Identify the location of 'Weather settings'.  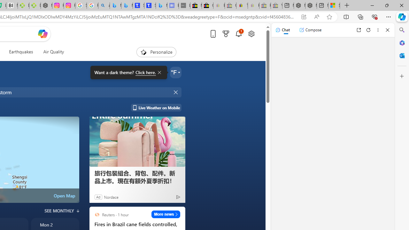
(175, 72).